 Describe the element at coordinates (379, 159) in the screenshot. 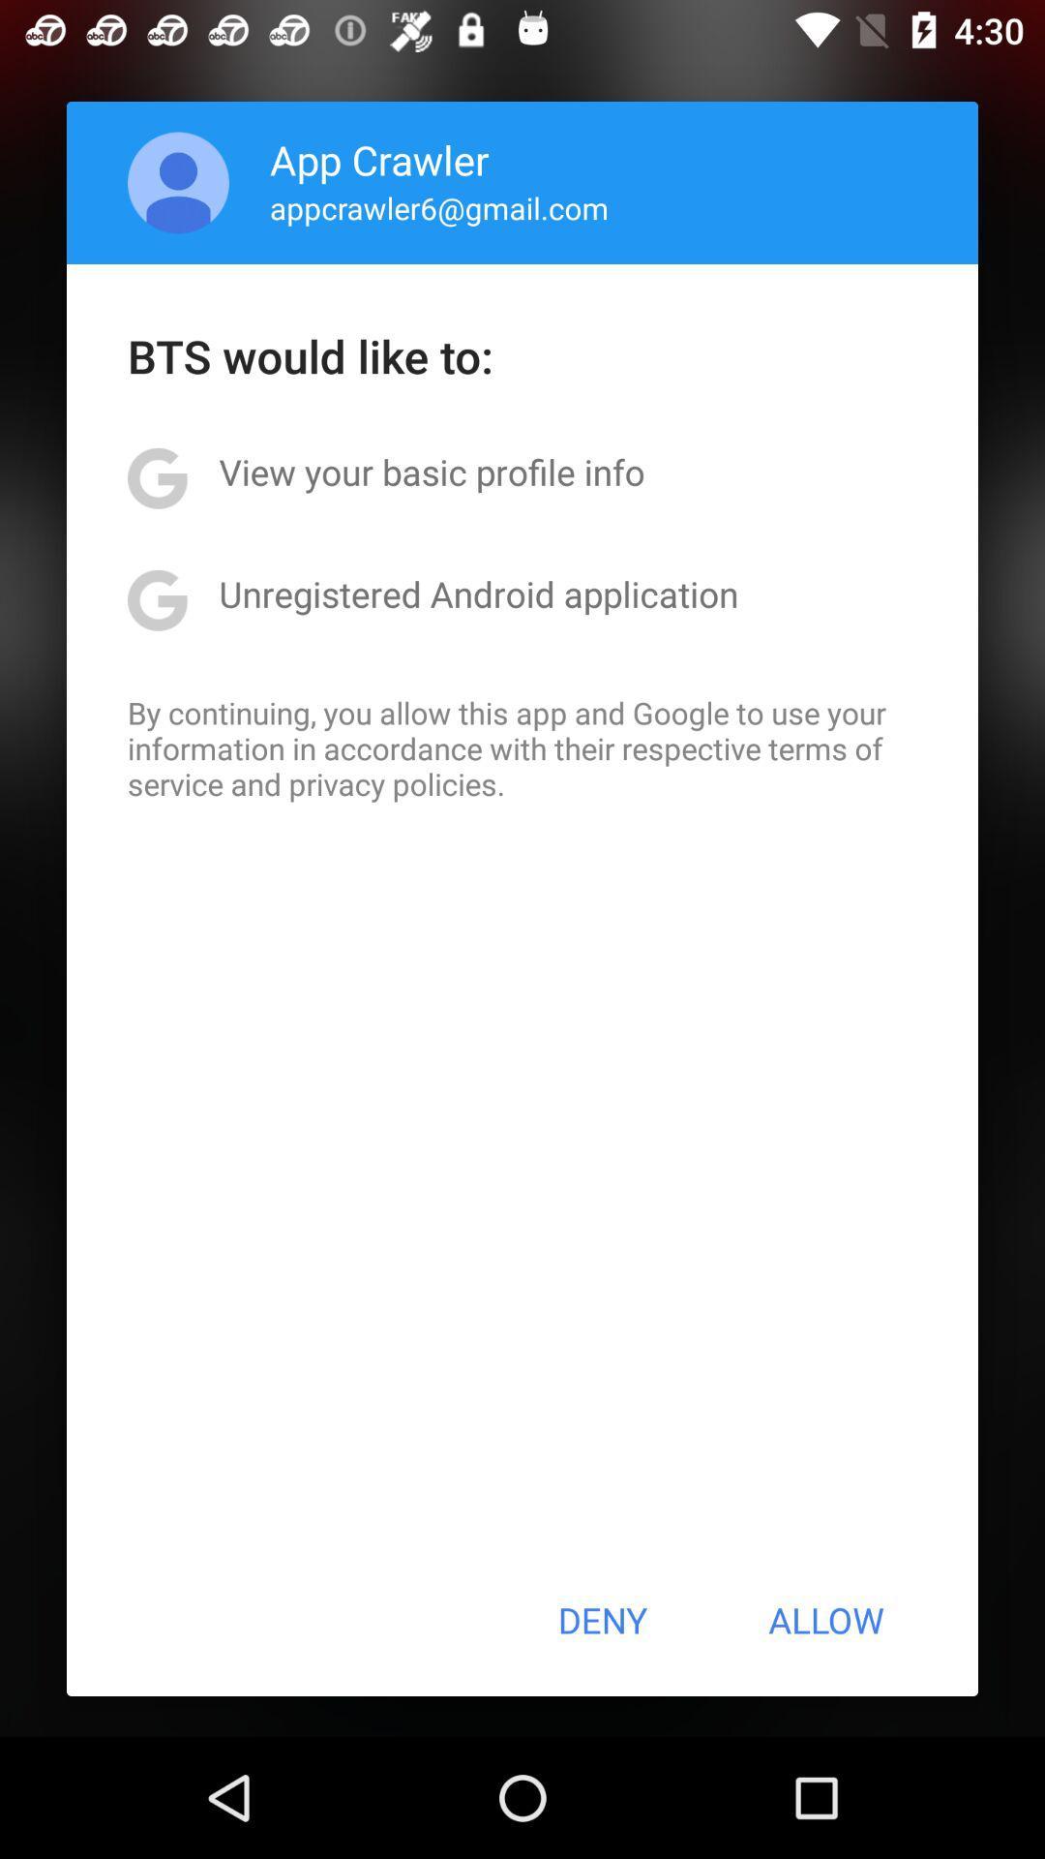

I see `app crawler` at that location.